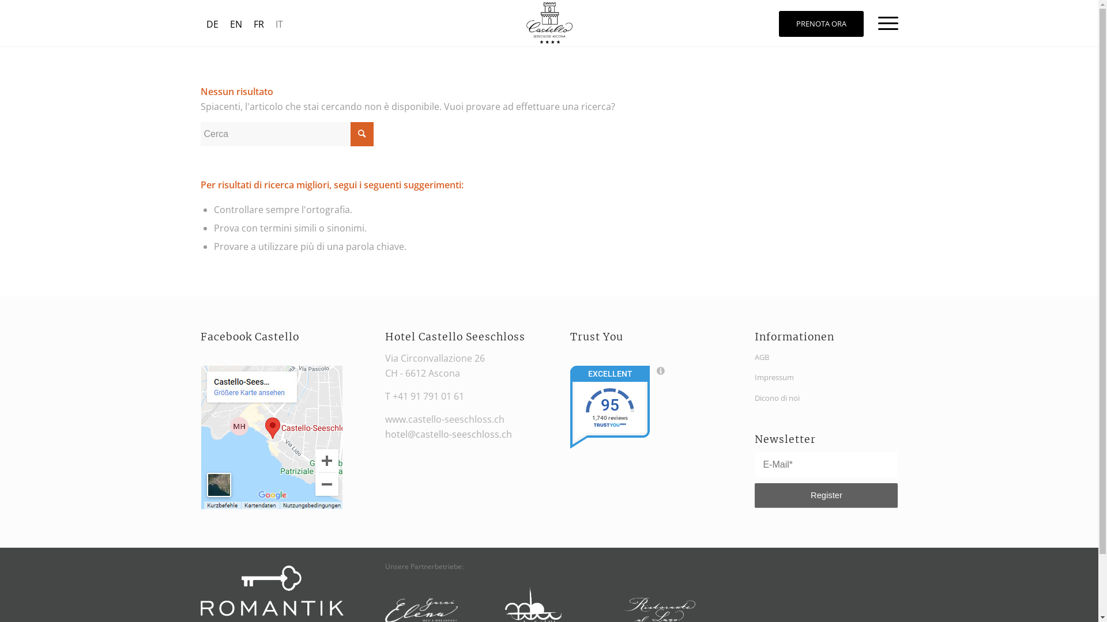  What do you see at coordinates (258, 24) in the screenshot?
I see `'FR'` at bounding box center [258, 24].